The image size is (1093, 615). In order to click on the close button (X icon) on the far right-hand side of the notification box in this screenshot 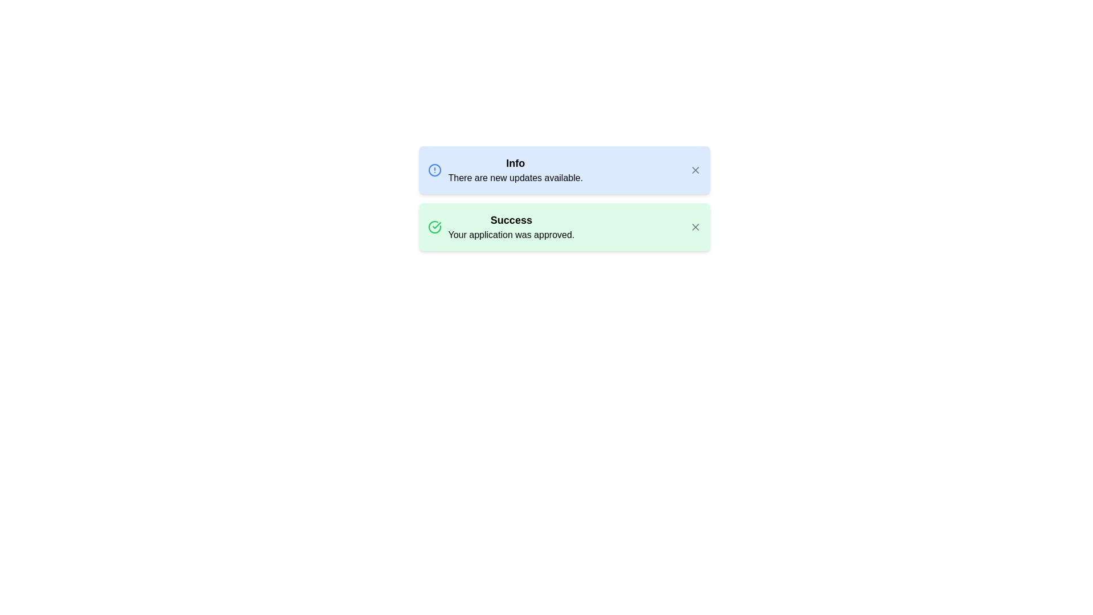, I will do `click(695, 170)`.